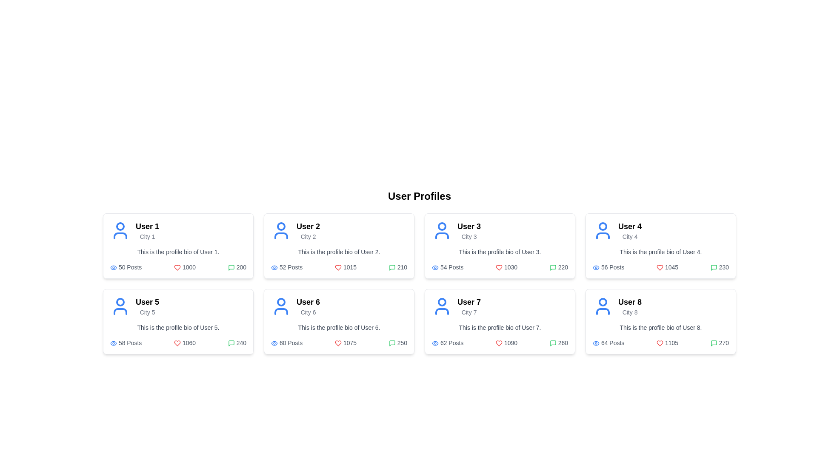  What do you see at coordinates (468, 231) in the screenshot?
I see `the Text Label Group that identifies 'User 3', located on the right side of the user profiles in the top row of the grid` at bounding box center [468, 231].